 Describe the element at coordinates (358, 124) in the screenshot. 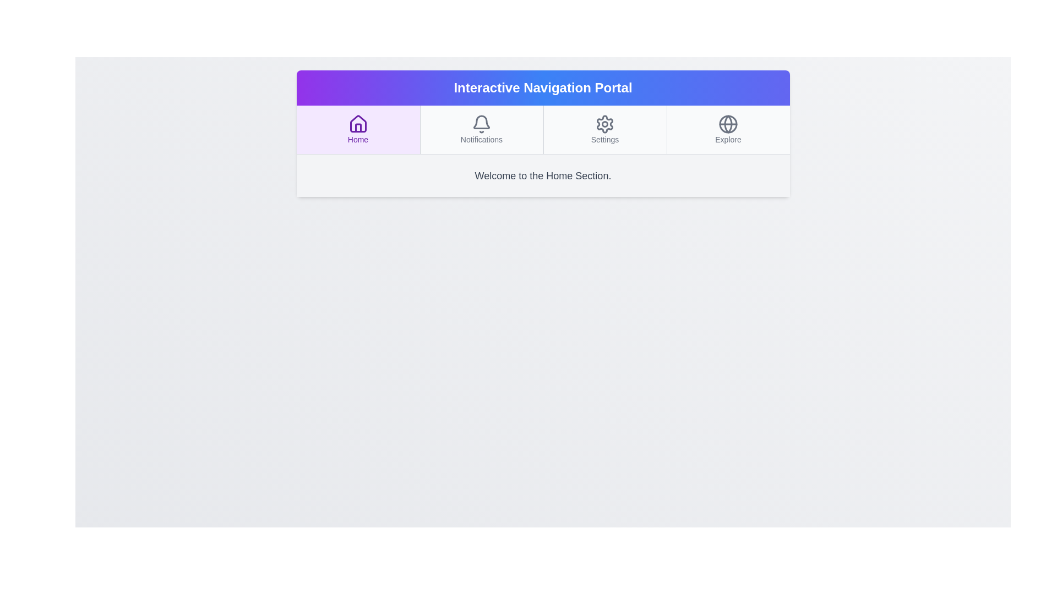

I see `the house icon in the 'Home' menu tab` at that location.